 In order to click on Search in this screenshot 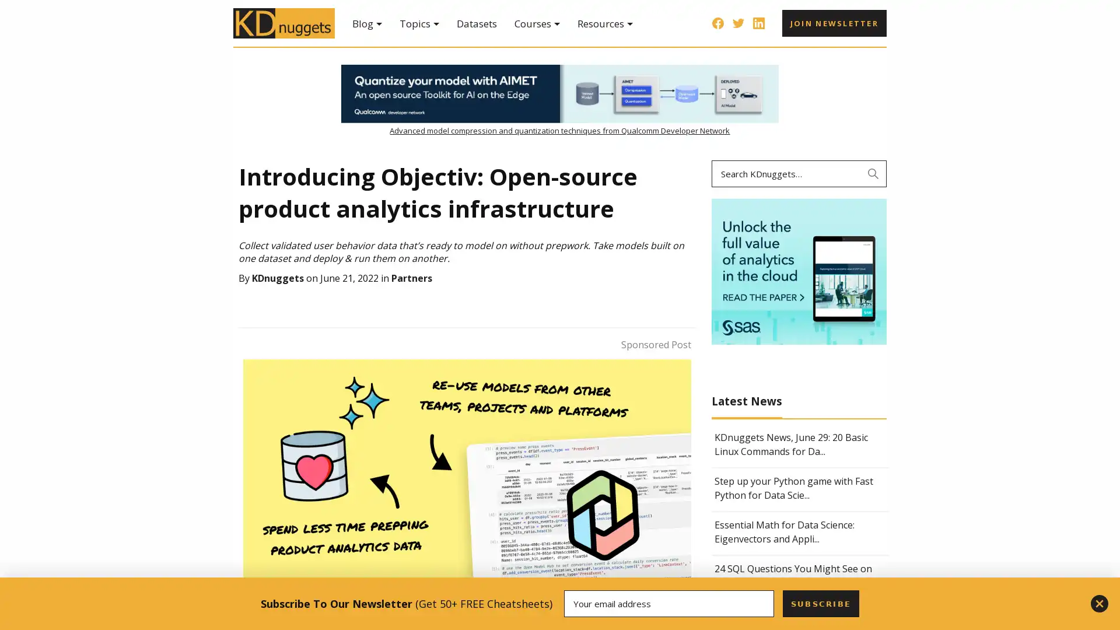, I will do `click(873, 173)`.